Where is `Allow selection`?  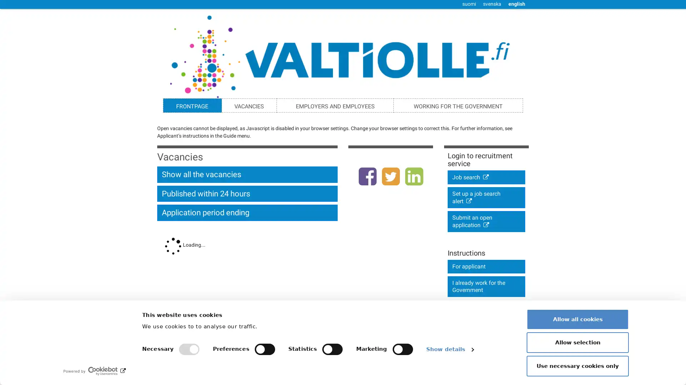 Allow selection is located at coordinates (578, 342).